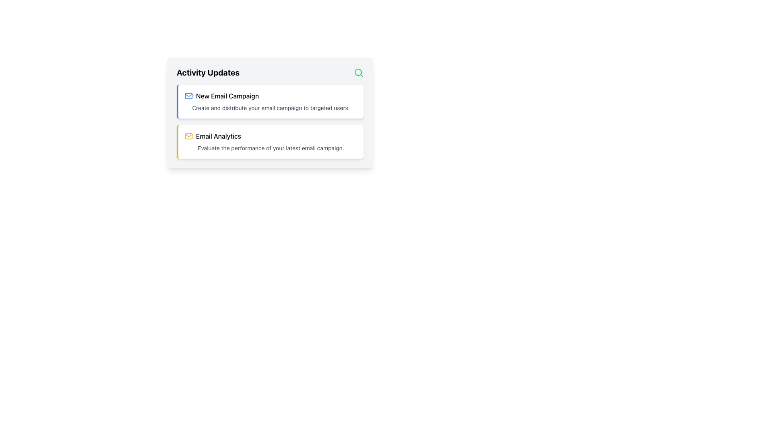 The height and width of the screenshot is (434, 773). Describe the element at coordinates (218, 136) in the screenshot. I see `text label displaying 'Email Analytics', which is the second entry under the 'Activity Updates' section in a yellow-highlighted card` at that location.